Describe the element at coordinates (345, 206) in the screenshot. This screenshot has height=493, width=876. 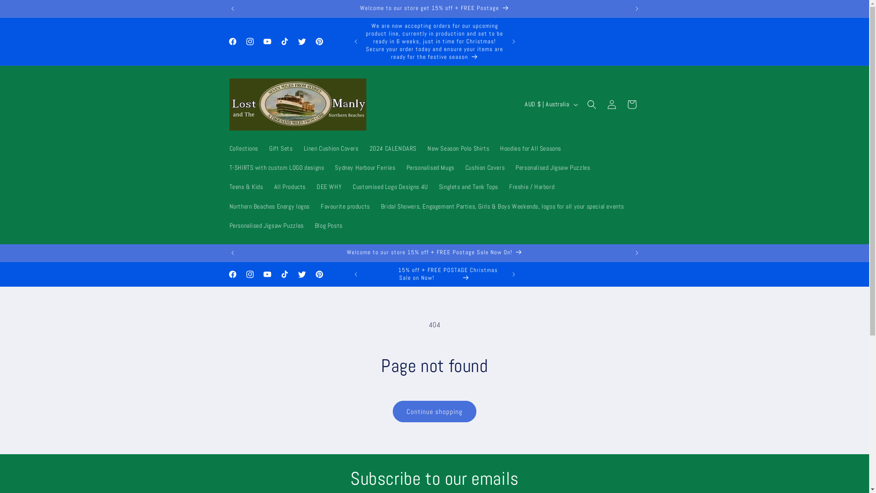
I see `'Favourite products'` at that location.